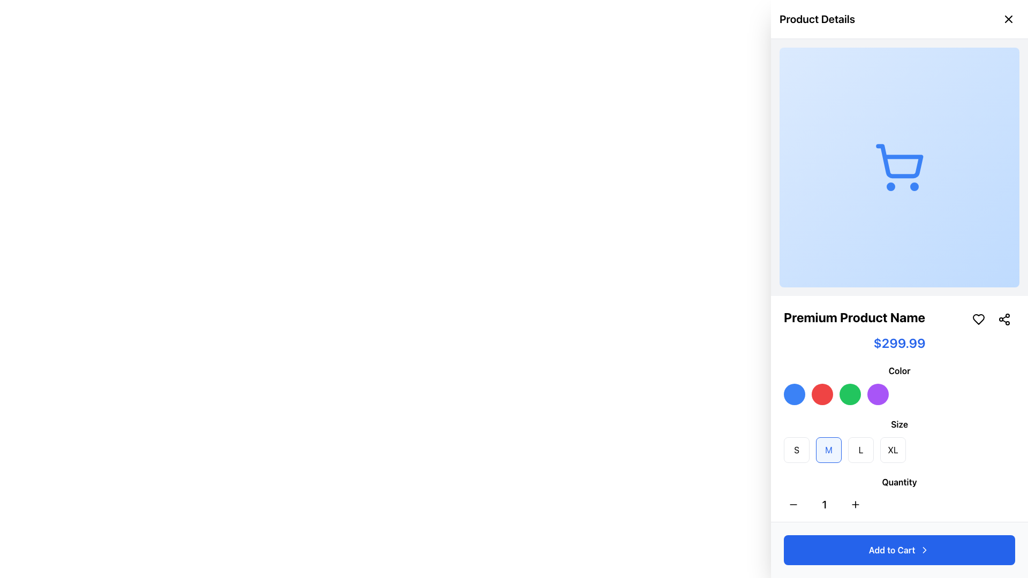 The height and width of the screenshot is (578, 1028). I want to click on the button located at the top-right corner of the 'Product Details' panel, so click(1008, 19).